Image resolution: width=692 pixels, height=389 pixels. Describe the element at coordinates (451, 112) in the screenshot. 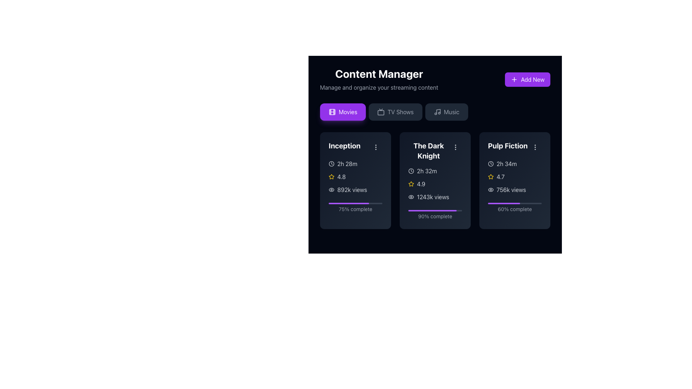

I see `the 'Music' label within the interactive button located in the third position of the navigation options` at that location.